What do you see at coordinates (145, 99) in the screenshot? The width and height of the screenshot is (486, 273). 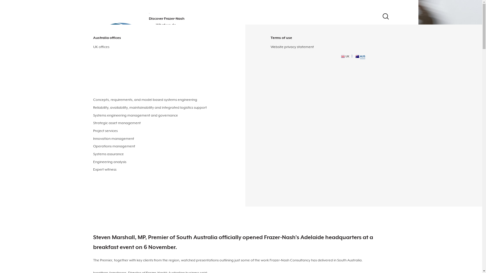 I see `'Concepts, requirements, and model based systems engineering'` at bounding box center [145, 99].